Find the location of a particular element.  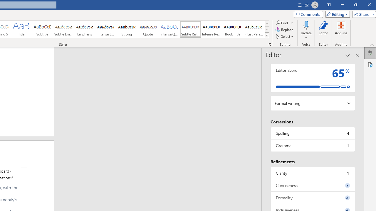

'Styles' is located at coordinates (266, 35).